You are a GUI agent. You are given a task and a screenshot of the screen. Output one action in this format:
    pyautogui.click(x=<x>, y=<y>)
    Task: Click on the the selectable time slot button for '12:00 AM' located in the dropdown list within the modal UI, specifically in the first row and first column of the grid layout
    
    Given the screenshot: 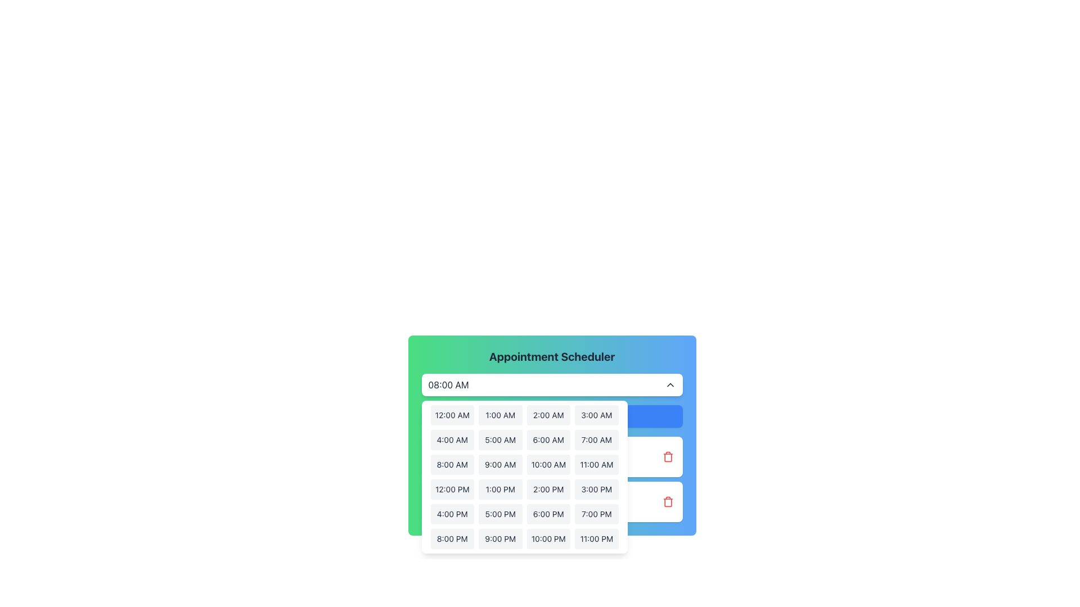 What is the action you would take?
    pyautogui.click(x=452, y=415)
    